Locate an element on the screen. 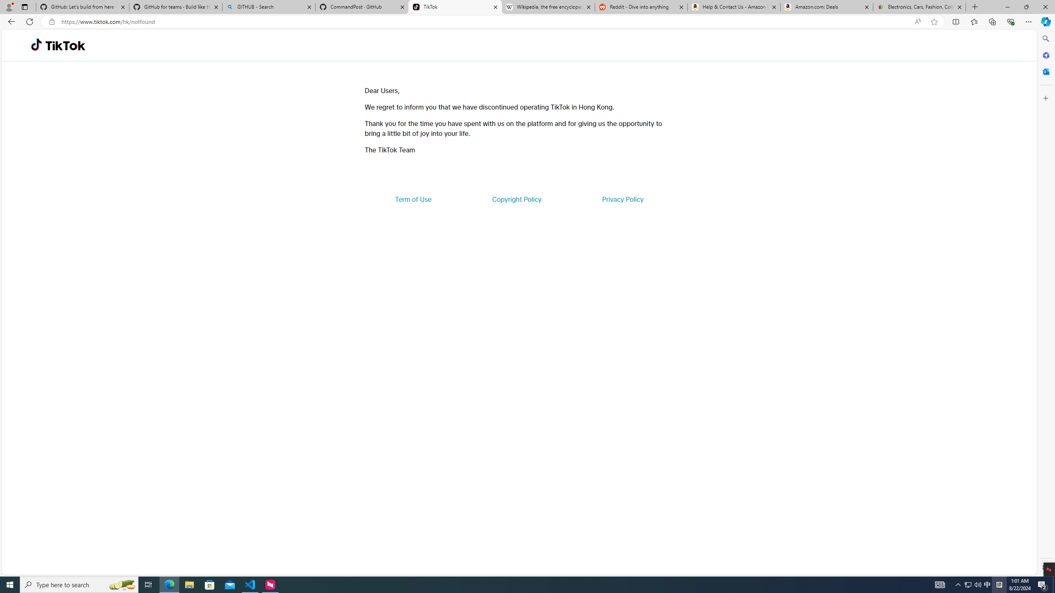 The height and width of the screenshot is (593, 1055). 'GITHUB - Search' is located at coordinates (268, 7).